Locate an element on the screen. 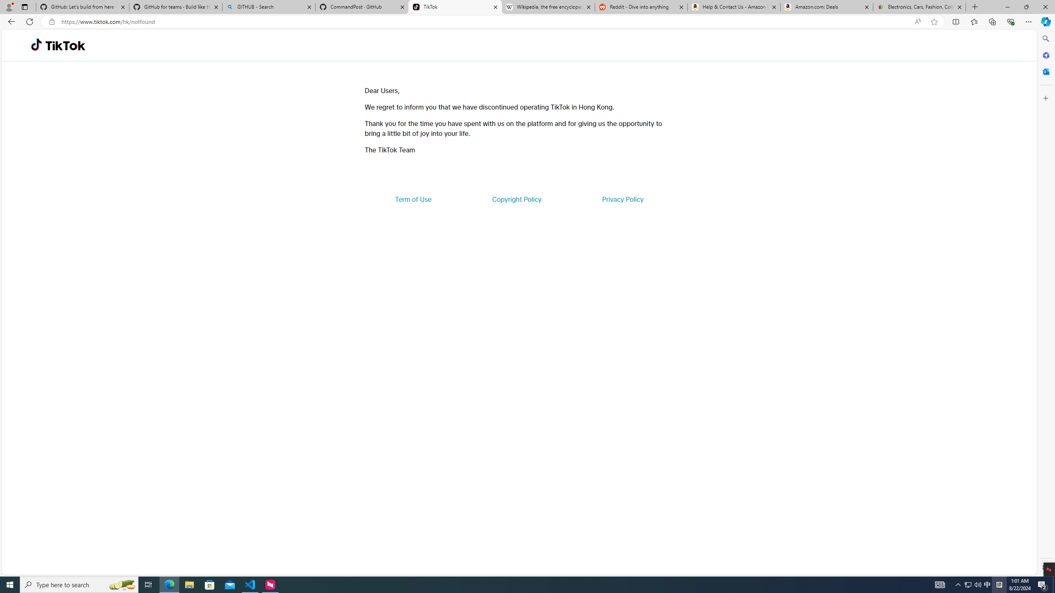 The height and width of the screenshot is (593, 1055). 'GITHUB - Search' is located at coordinates (268, 7).